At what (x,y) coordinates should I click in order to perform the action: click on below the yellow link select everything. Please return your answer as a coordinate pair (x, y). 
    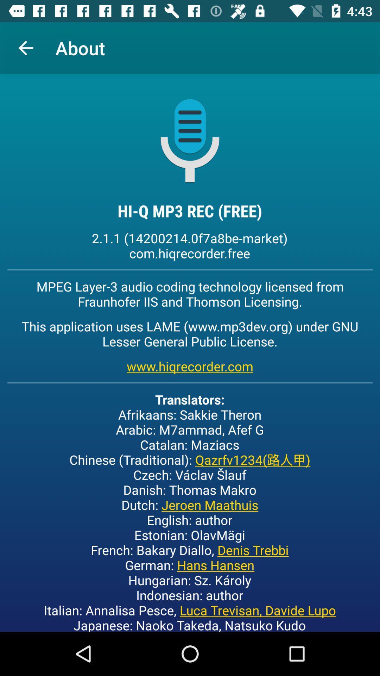
    Looking at the image, I should click on (189, 511).